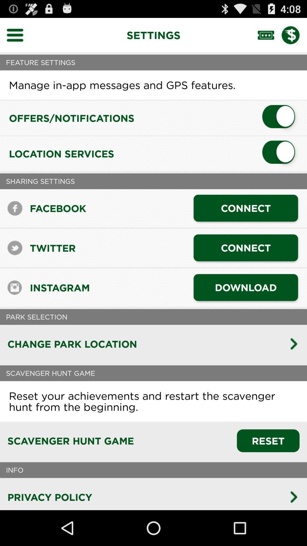  What do you see at coordinates (281, 118) in the screenshot?
I see `notification toggle on` at bounding box center [281, 118].